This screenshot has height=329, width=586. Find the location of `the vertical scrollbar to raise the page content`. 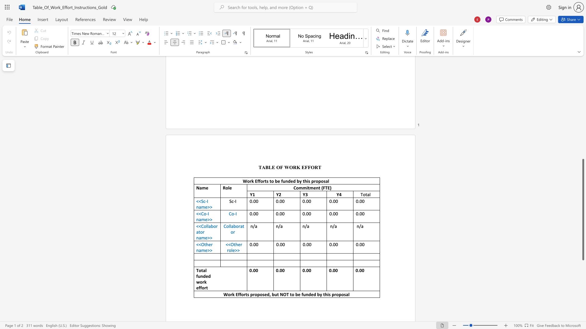

the vertical scrollbar to raise the page content is located at coordinates (583, 100).